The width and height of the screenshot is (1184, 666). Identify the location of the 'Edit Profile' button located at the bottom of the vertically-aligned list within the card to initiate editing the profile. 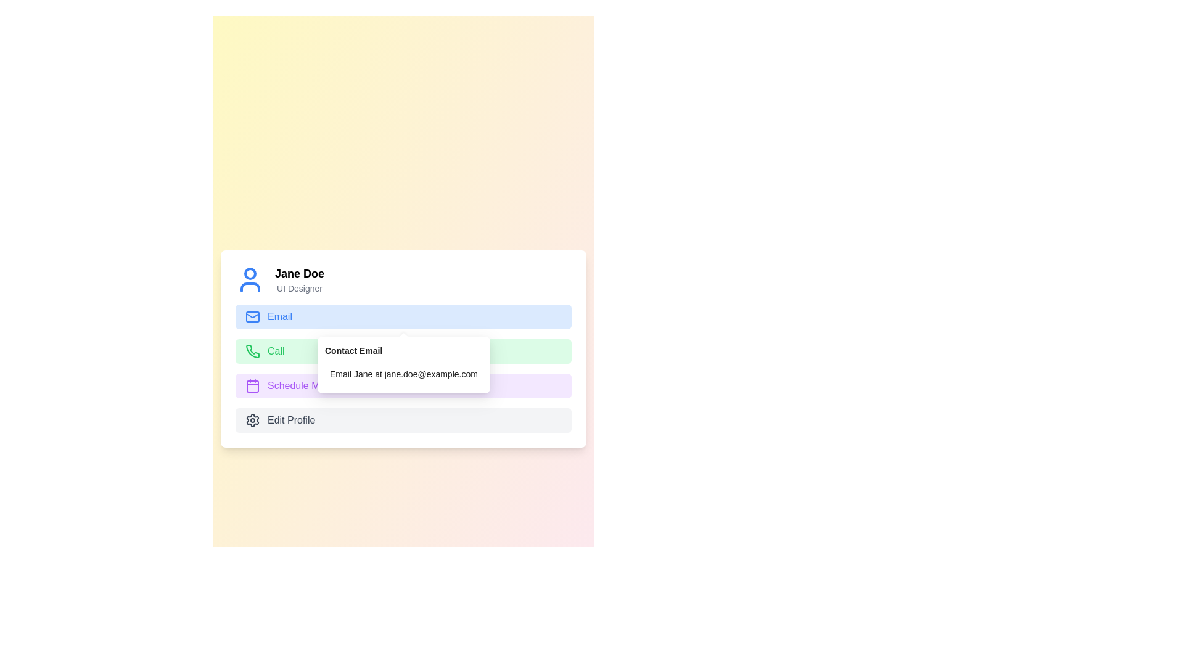
(403, 420).